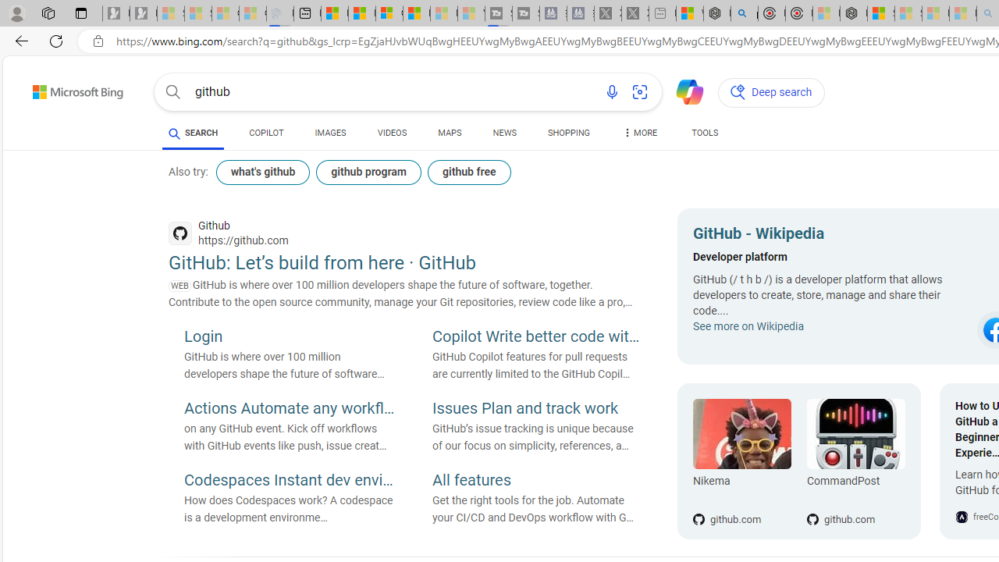  What do you see at coordinates (498, 13) in the screenshot?
I see `'Streaming Coverage | T3 - Sleeping'` at bounding box center [498, 13].